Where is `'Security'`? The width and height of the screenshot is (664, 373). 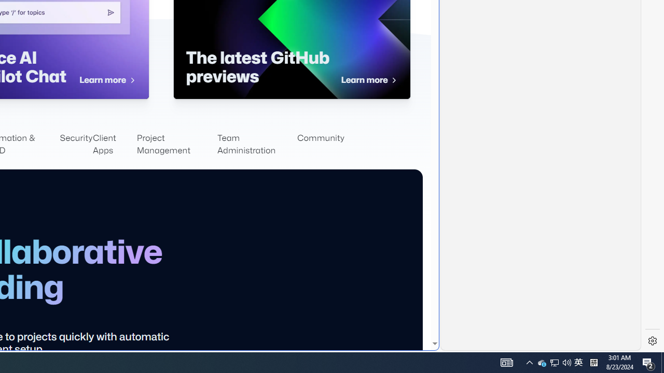 'Security' is located at coordinates (76, 145).